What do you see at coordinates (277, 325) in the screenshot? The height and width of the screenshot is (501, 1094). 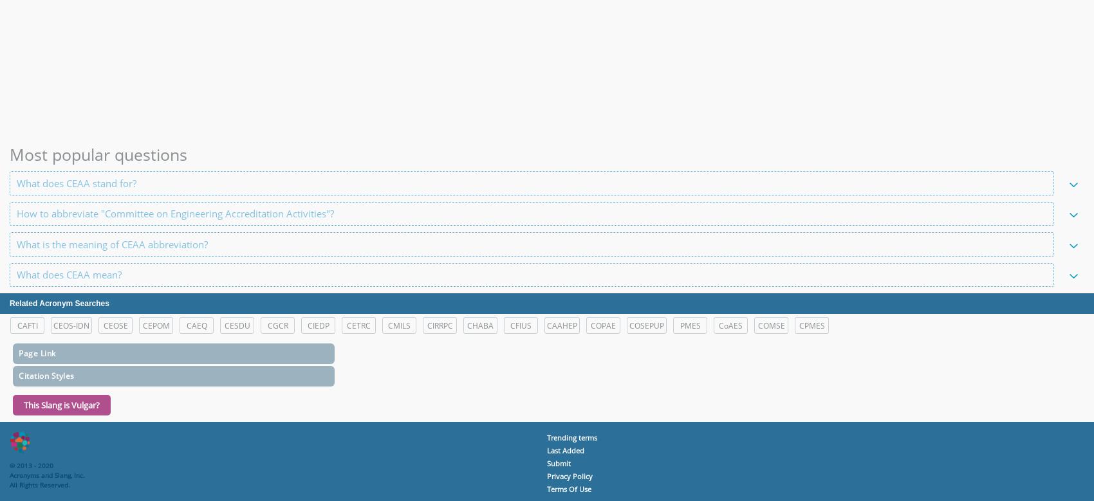 I see `'CGCR'` at bounding box center [277, 325].